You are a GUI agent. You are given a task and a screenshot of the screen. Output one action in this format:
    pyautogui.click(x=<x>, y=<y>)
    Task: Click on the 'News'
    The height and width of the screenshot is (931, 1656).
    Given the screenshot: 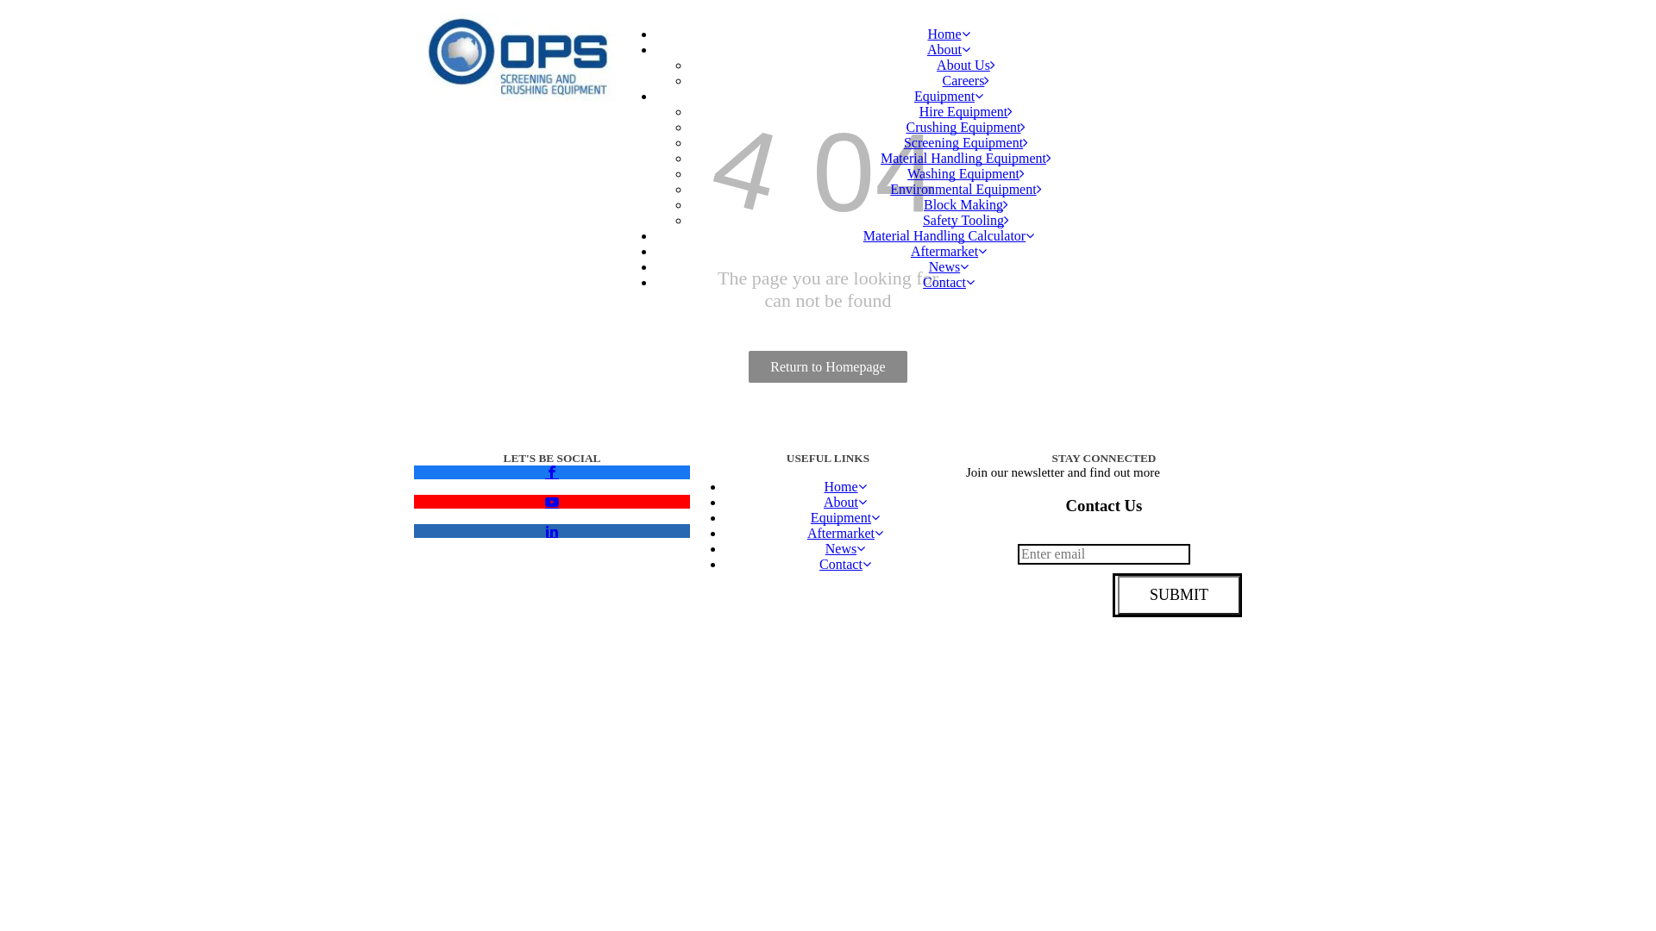 What is the action you would take?
    pyautogui.click(x=844, y=548)
    